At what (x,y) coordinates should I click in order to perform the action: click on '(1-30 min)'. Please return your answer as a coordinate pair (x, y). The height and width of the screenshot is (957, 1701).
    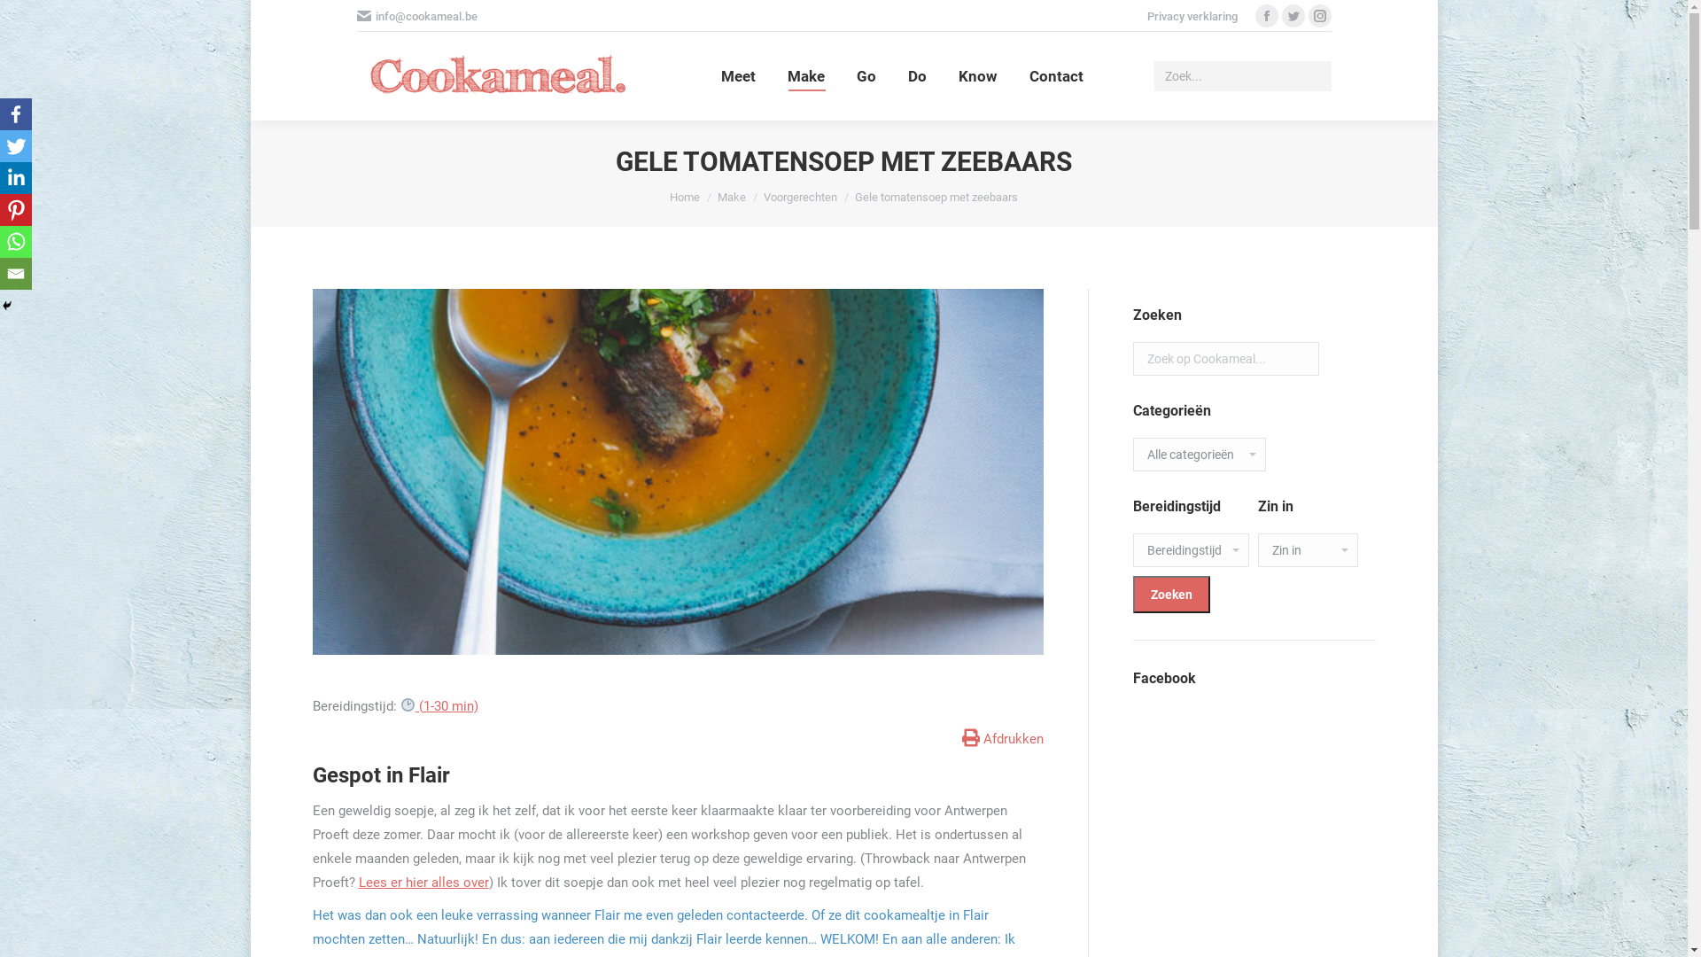
    Looking at the image, I should click on (399, 705).